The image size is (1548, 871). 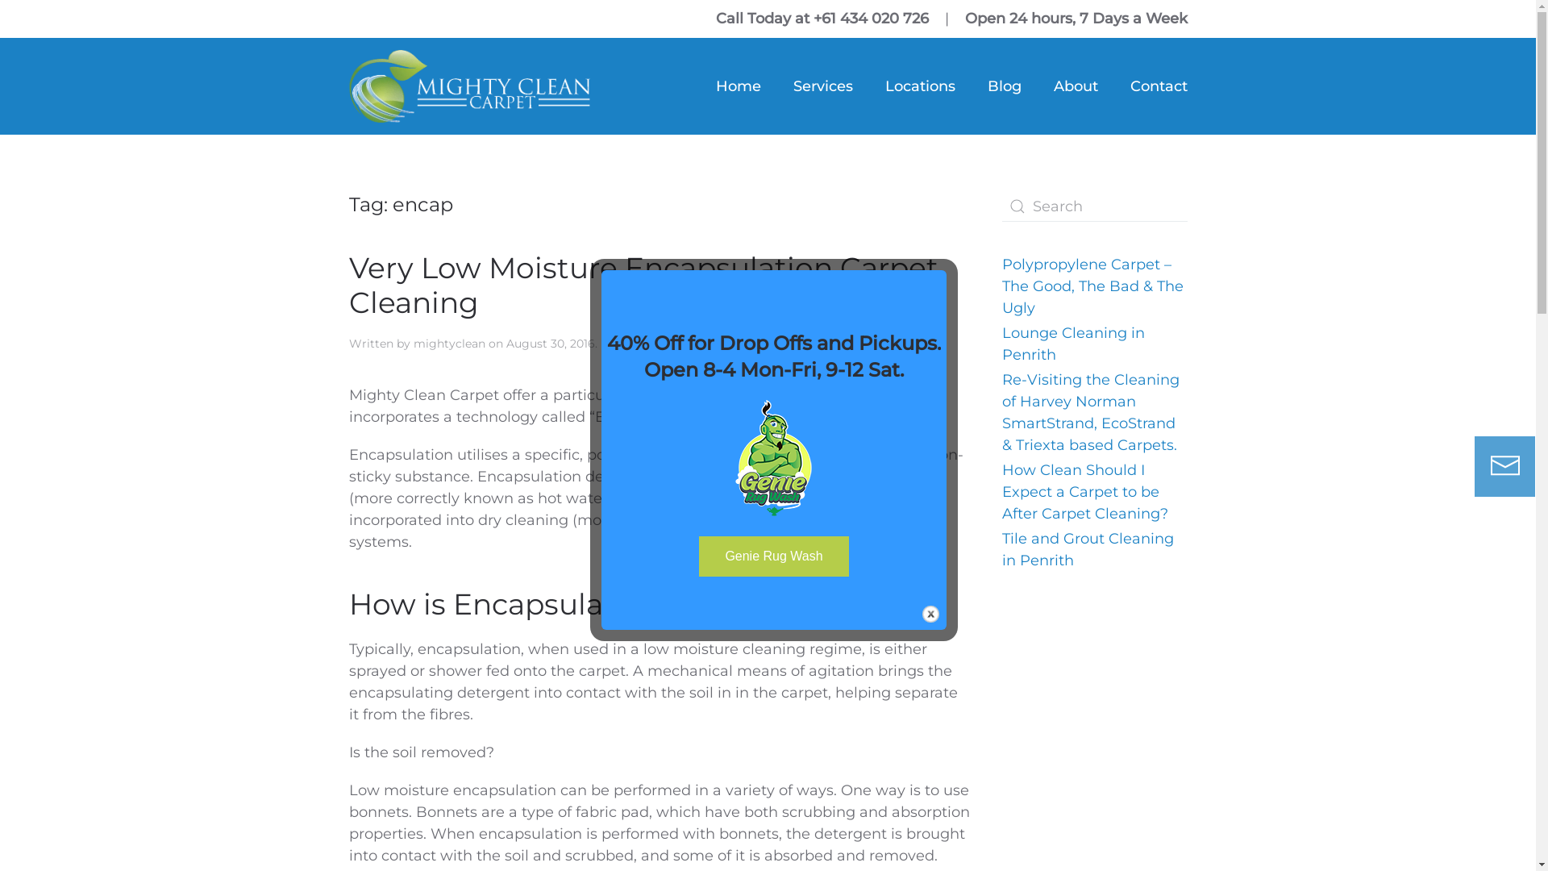 What do you see at coordinates (1158, 86) in the screenshot?
I see `'Contact'` at bounding box center [1158, 86].